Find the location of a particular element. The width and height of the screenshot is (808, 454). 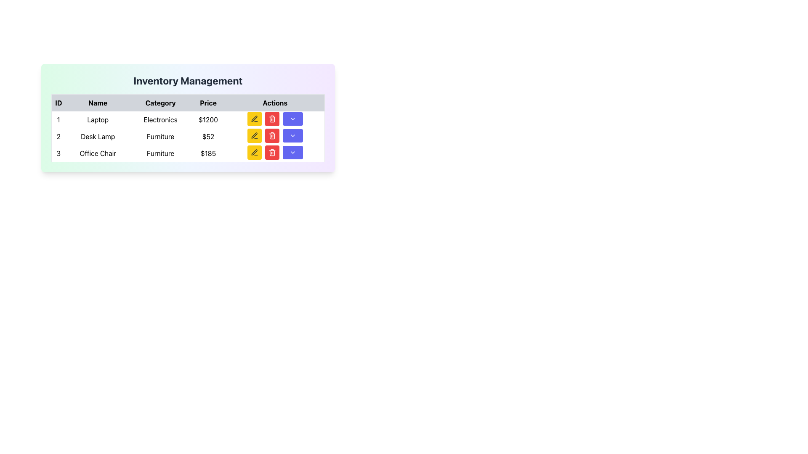

the 'Price' label in the third row of the table, which indicates the monetary value of the item categorized as 'Furniture' is located at coordinates (208, 153).